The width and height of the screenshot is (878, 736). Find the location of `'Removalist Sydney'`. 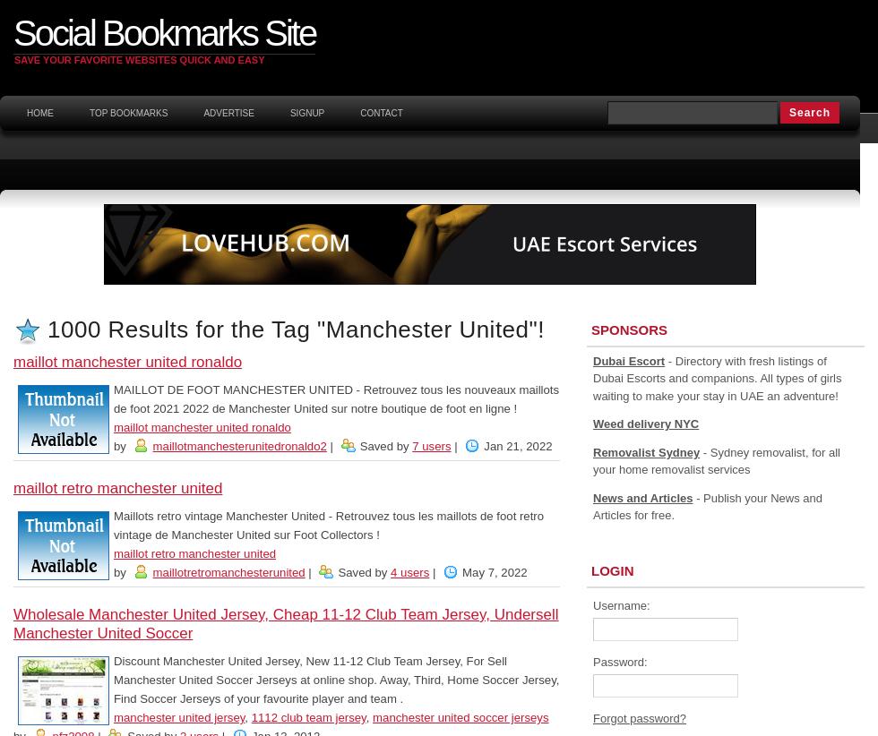

'Removalist Sydney' is located at coordinates (646, 450).